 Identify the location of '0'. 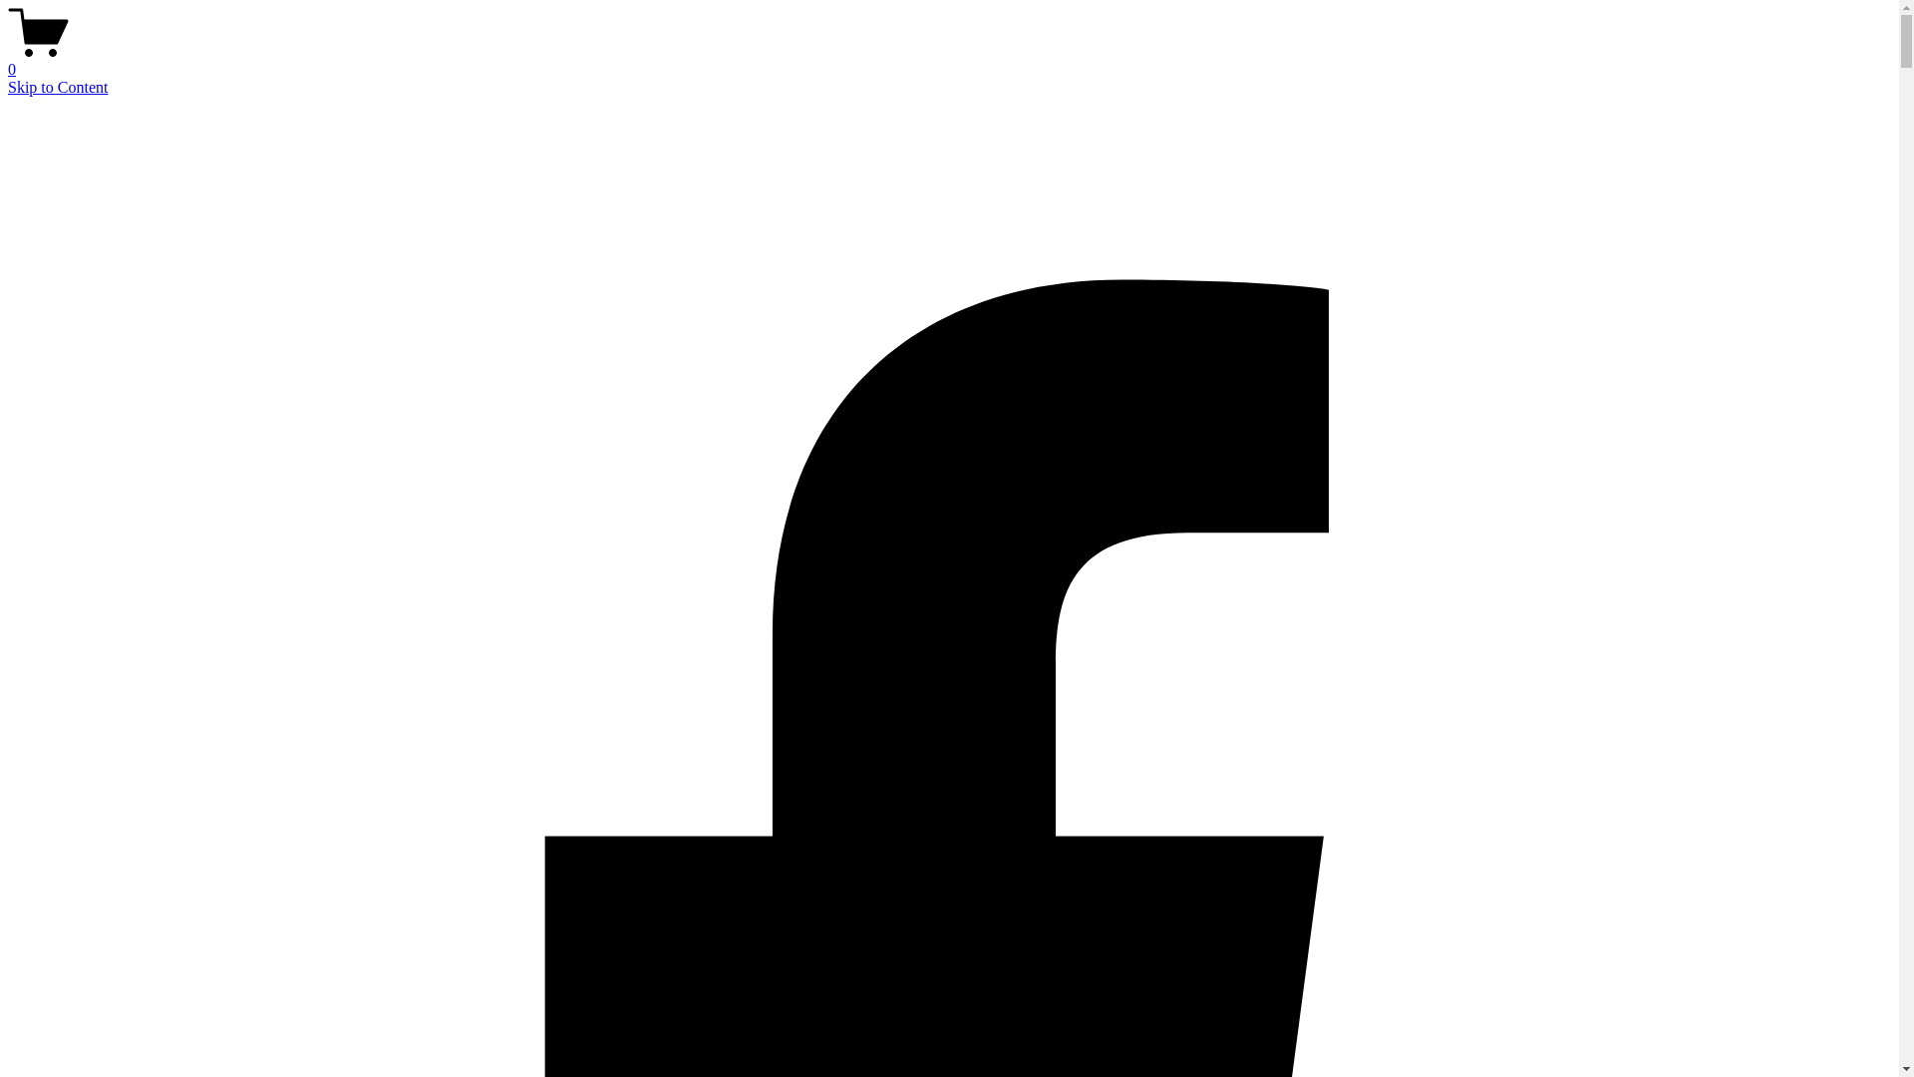
(948, 60).